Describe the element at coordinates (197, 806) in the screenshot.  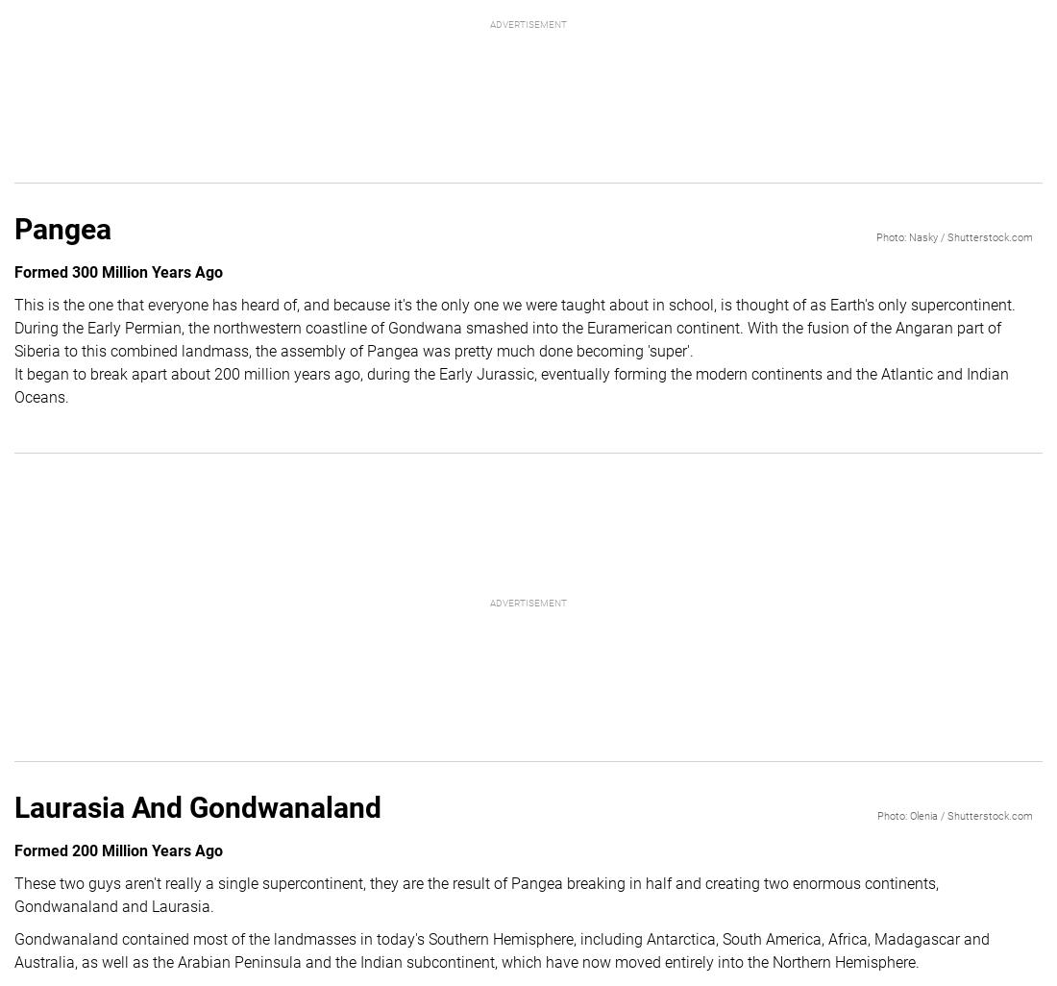
I see `'Laurasia And Gondwanaland'` at that location.